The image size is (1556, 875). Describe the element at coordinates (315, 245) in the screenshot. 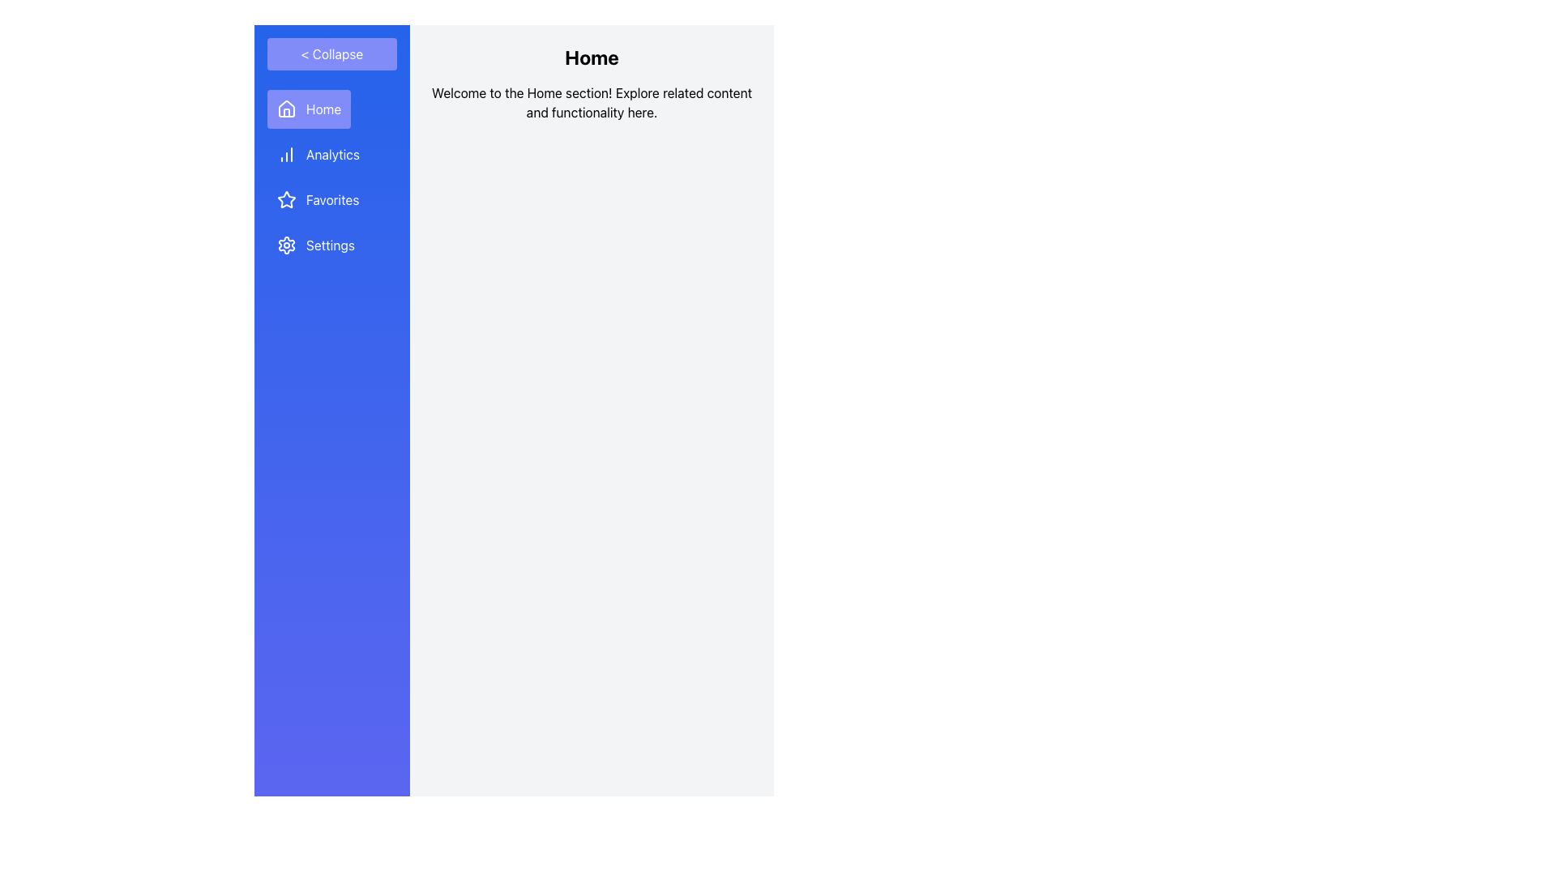

I see `the 'Settings' button in the sidebar` at that location.